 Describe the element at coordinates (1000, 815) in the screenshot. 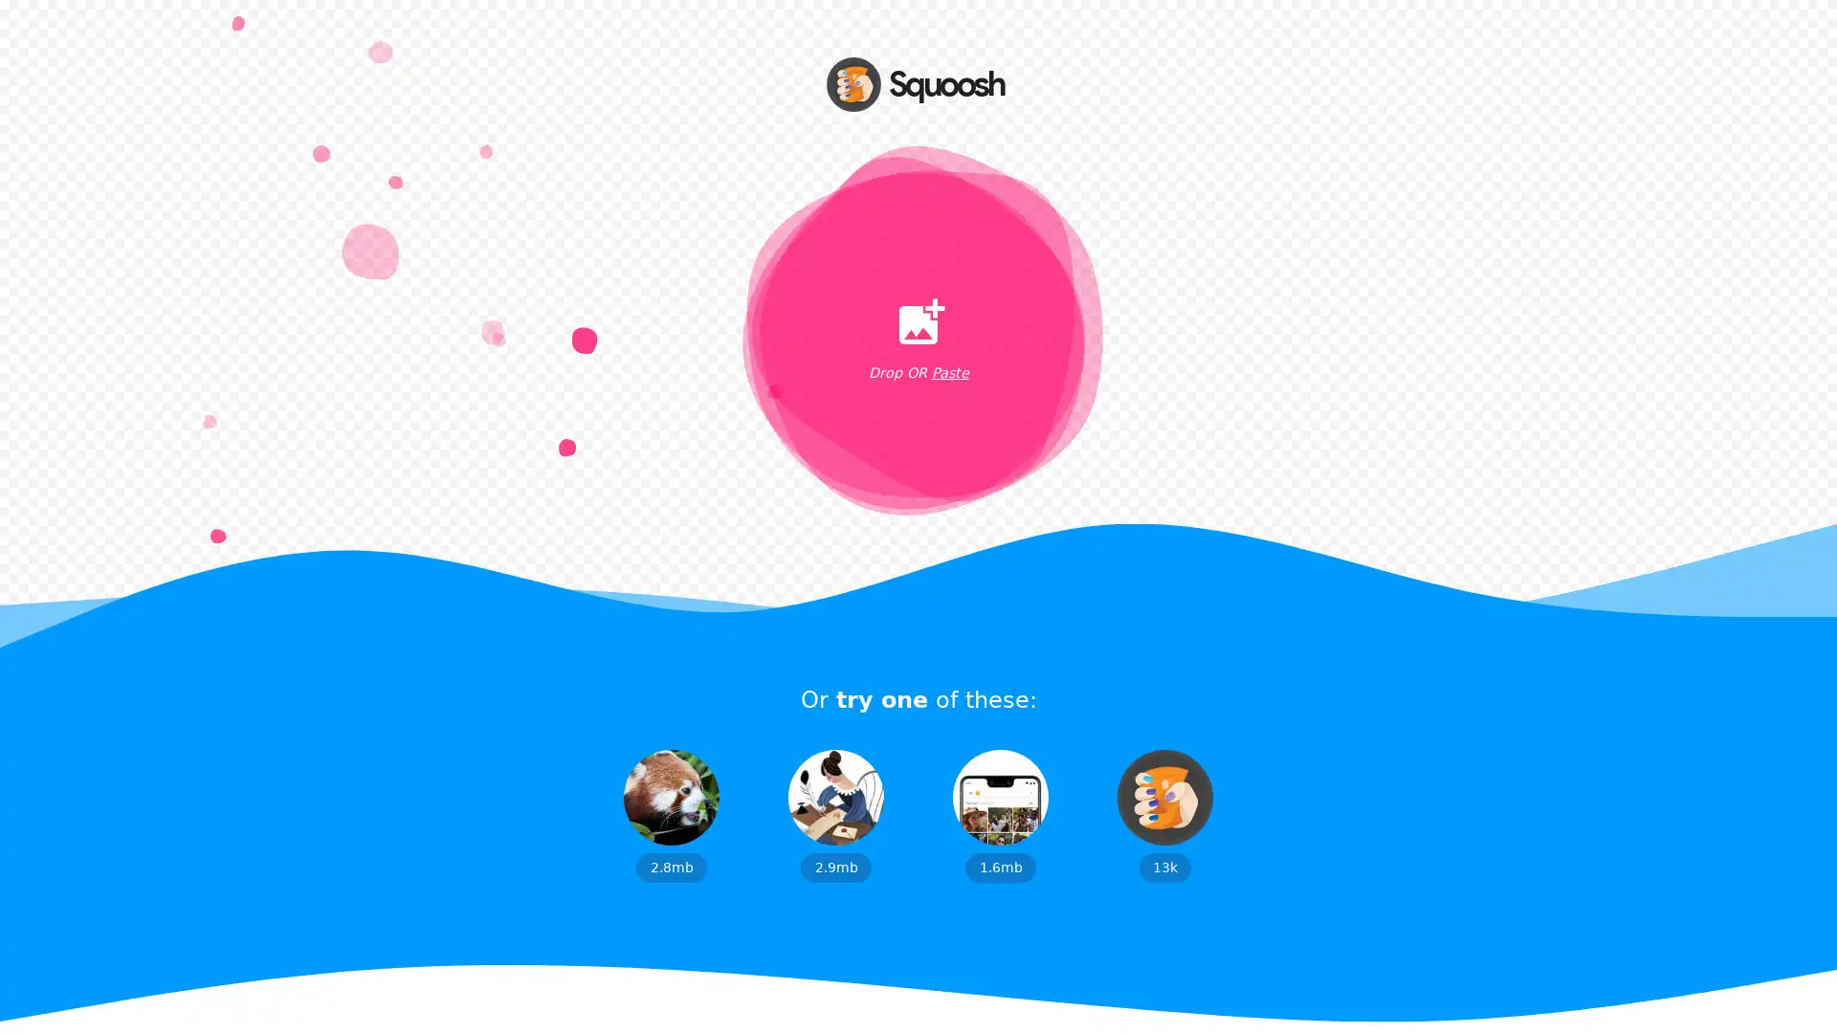

I see `Device screen 1.6mb` at that location.